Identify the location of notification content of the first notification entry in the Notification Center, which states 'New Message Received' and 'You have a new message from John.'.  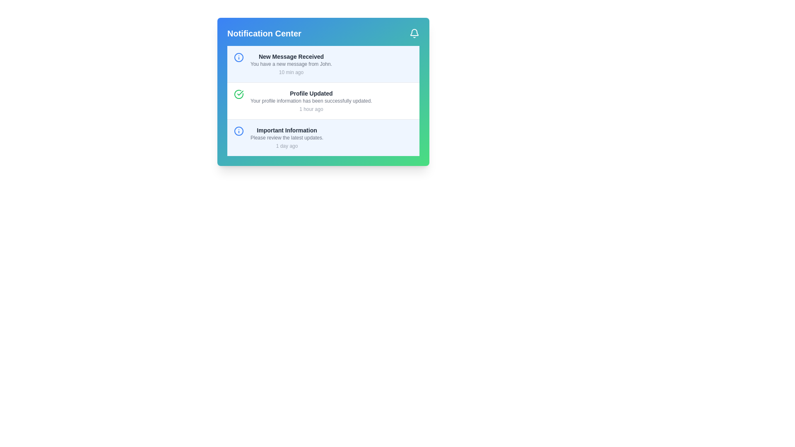
(291, 63).